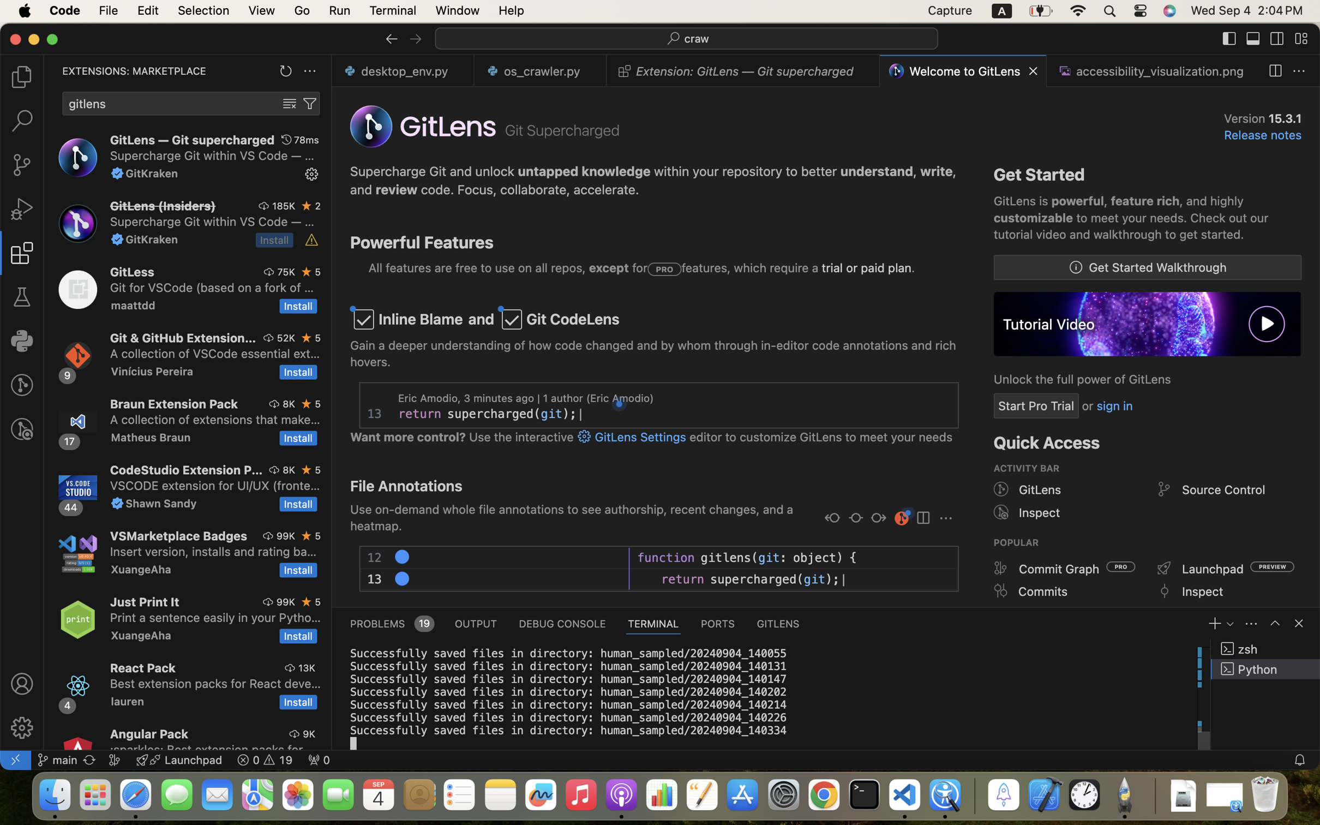 The width and height of the screenshot is (1320, 825). What do you see at coordinates (1275, 71) in the screenshot?
I see `''` at bounding box center [1275, 71].